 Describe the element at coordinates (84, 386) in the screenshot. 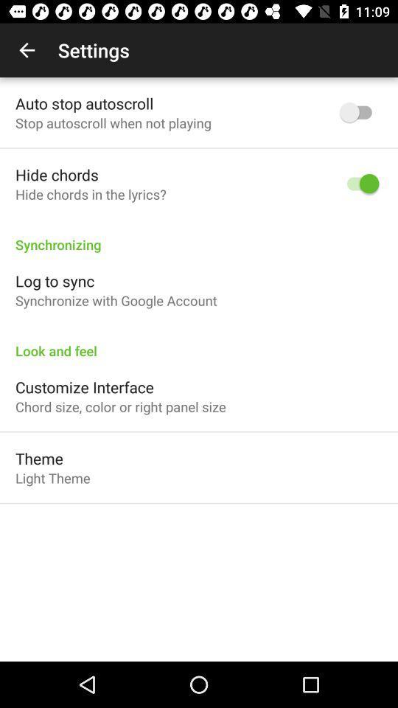

I see `the icon below look and feel` at that location.